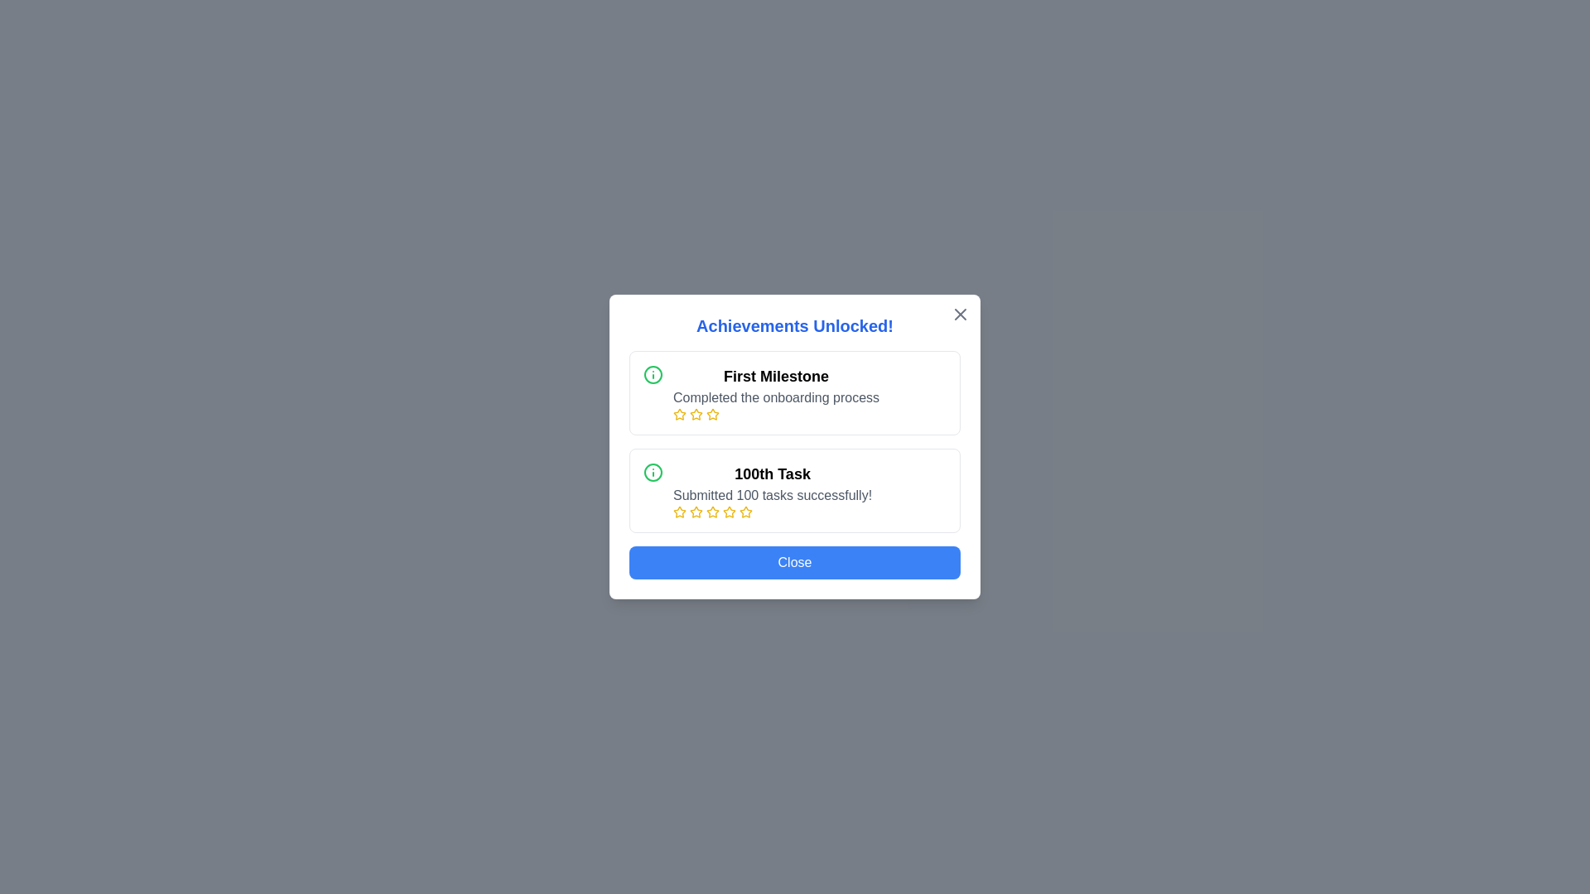 The height and width of the screenshot is (894, 1590). I want to click on the circular green outlined Vector graphic icon located near the top-left corner of the 'First Milestone' box, which indicates the completion of the onboarding process, so click(652, 472).